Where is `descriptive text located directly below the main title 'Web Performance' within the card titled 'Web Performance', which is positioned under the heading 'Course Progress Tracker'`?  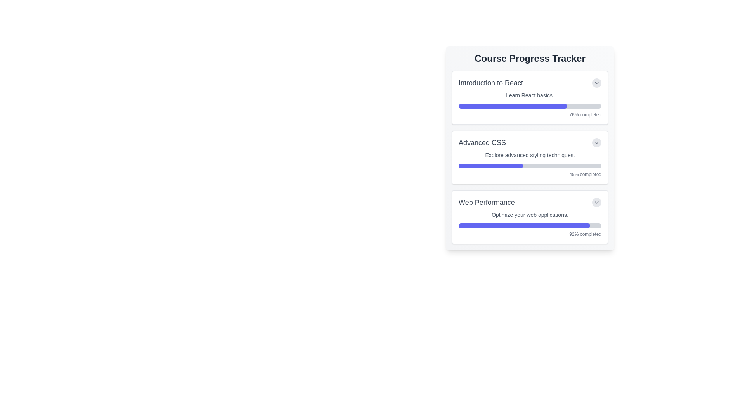
descriptive text located directly below the main title 'Web Performance' within the card titled 'Web Performance', which is positioned under the heading 'Course Progress Tracker' is located at coordinates (530, 215).